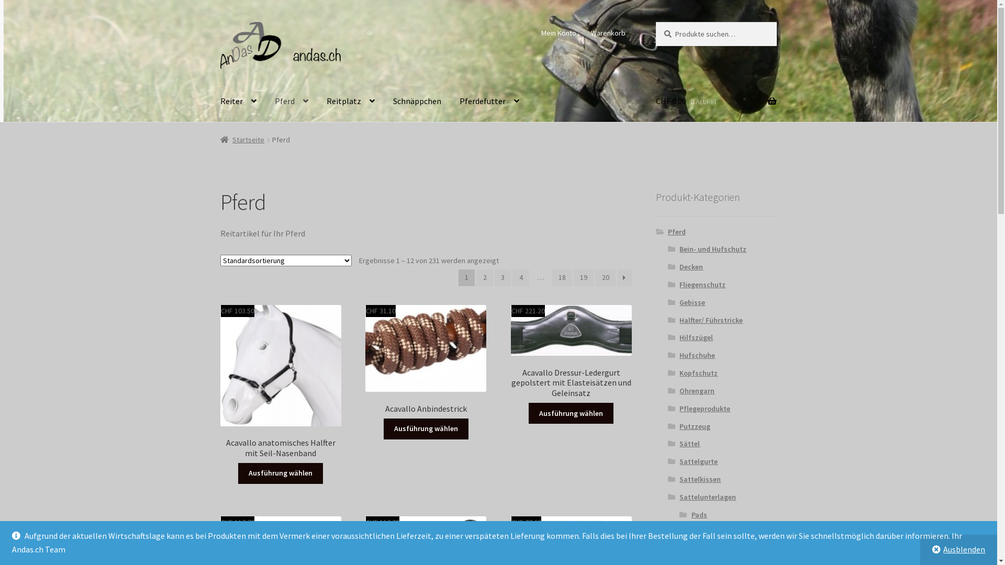 This screenshot has width=1005, height=565. I want to click on '18', so click(561, 277).